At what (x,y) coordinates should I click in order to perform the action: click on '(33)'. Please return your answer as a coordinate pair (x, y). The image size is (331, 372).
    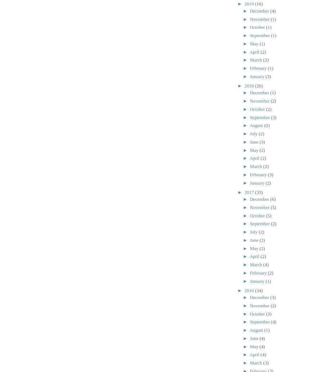
    Looking at the image, I should click on (258, 192).